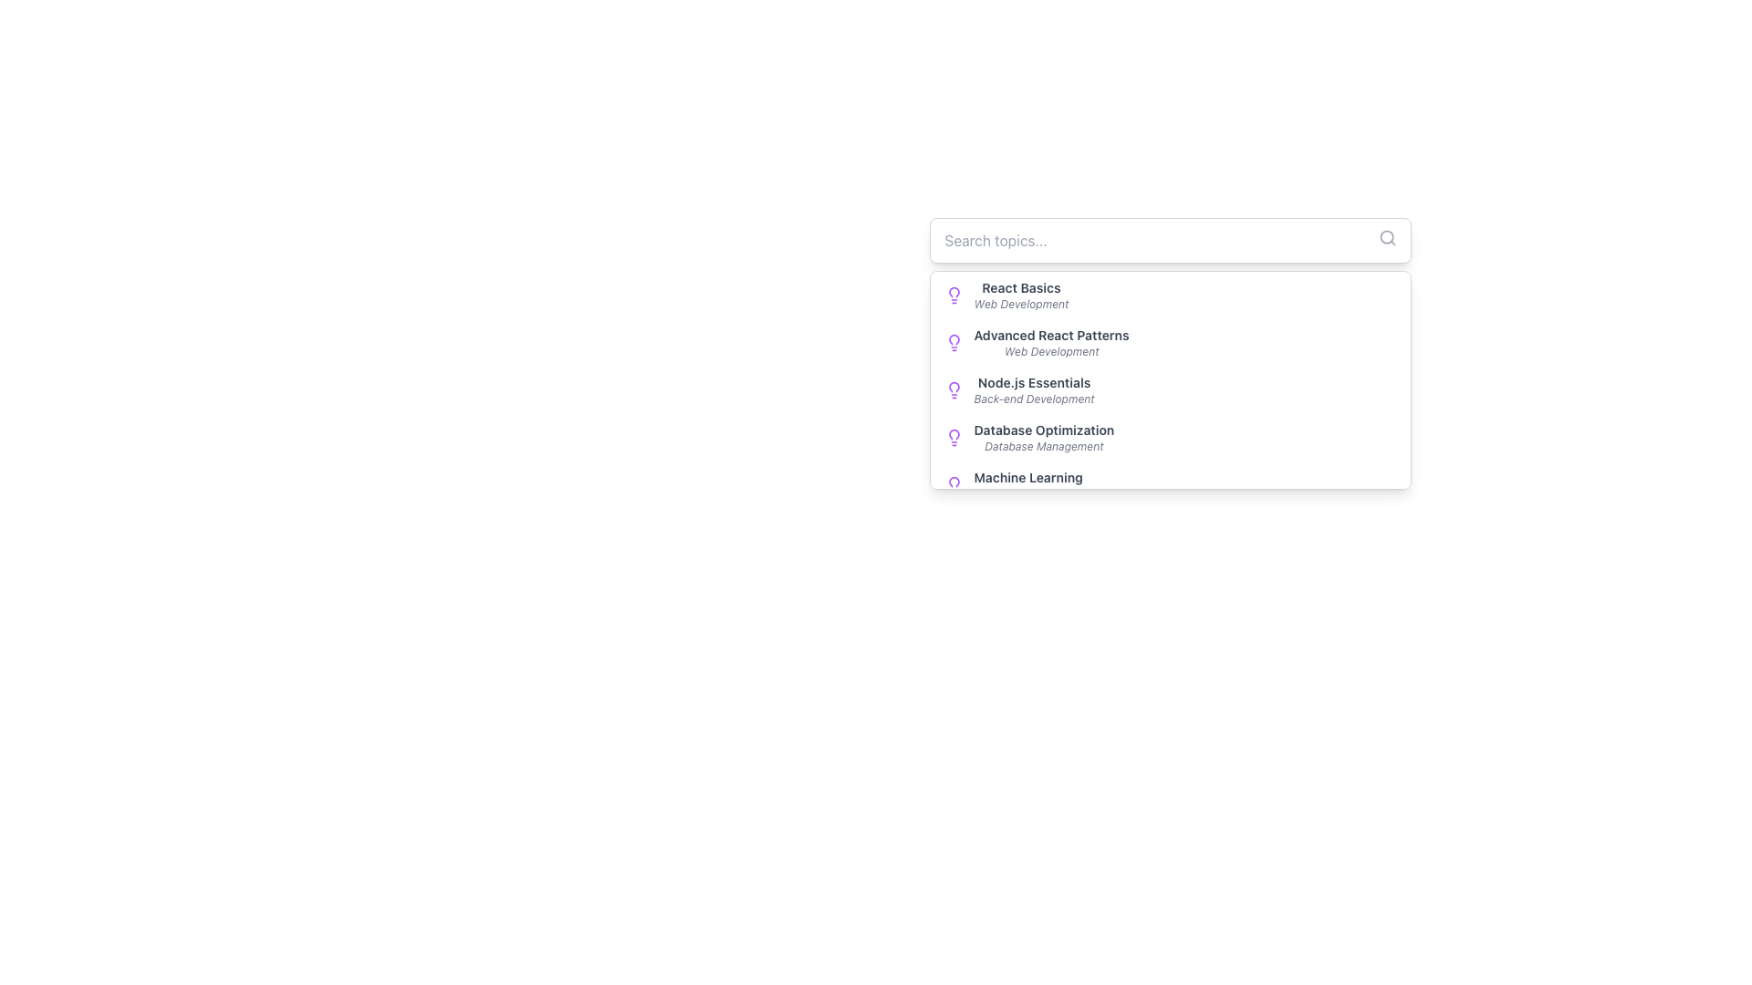  I want to click on the small circle in the SVG graphic that serves as the lens of the search magnifying glass icon located at the top-right corner of the interface, so click(1386, 236).